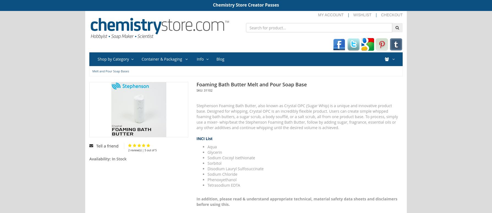 The width and height of the screenshot is (492, 213). I want to click on 'Melt and Pour Soap Bases', so click(110, 71).